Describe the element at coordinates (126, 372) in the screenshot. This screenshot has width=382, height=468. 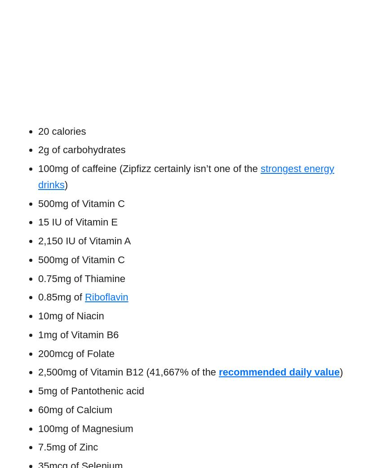
I see `'2,500mg of Vitamin B12 (41,667% of the'` at that location.